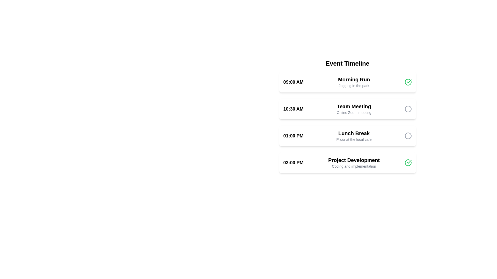  What do you see at coordinates (354, 109) in the screenshot?
I see `text displayed in the 'Team Meeting' Text Display, which includes the title and description of the online meeting` at bounding box center [354, 109].